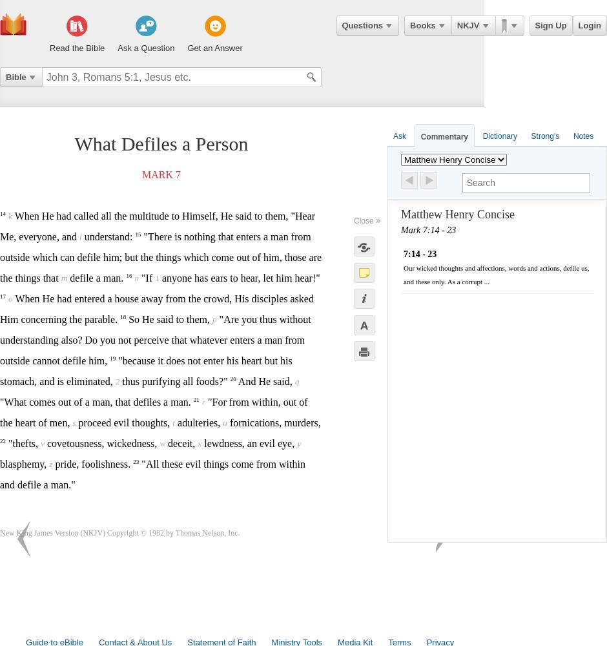  What do you see at coordinates (170, 318) in the screenshot?
I see `'So He said to them,'` at bounding box center [170, 318].